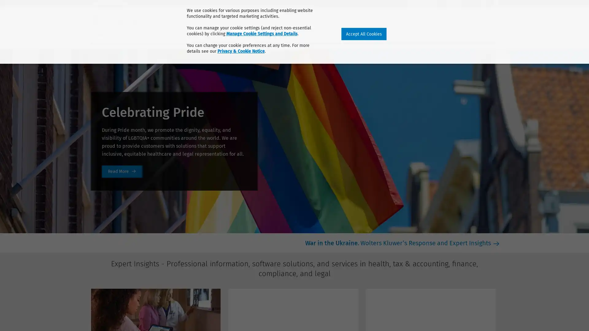  What do you see at coordinates (501, 17) in the screenshot?
I see `/Feature/WoltersKluwer/OneWeb/SearchHeader/Search` at bounding box center [501, 17].